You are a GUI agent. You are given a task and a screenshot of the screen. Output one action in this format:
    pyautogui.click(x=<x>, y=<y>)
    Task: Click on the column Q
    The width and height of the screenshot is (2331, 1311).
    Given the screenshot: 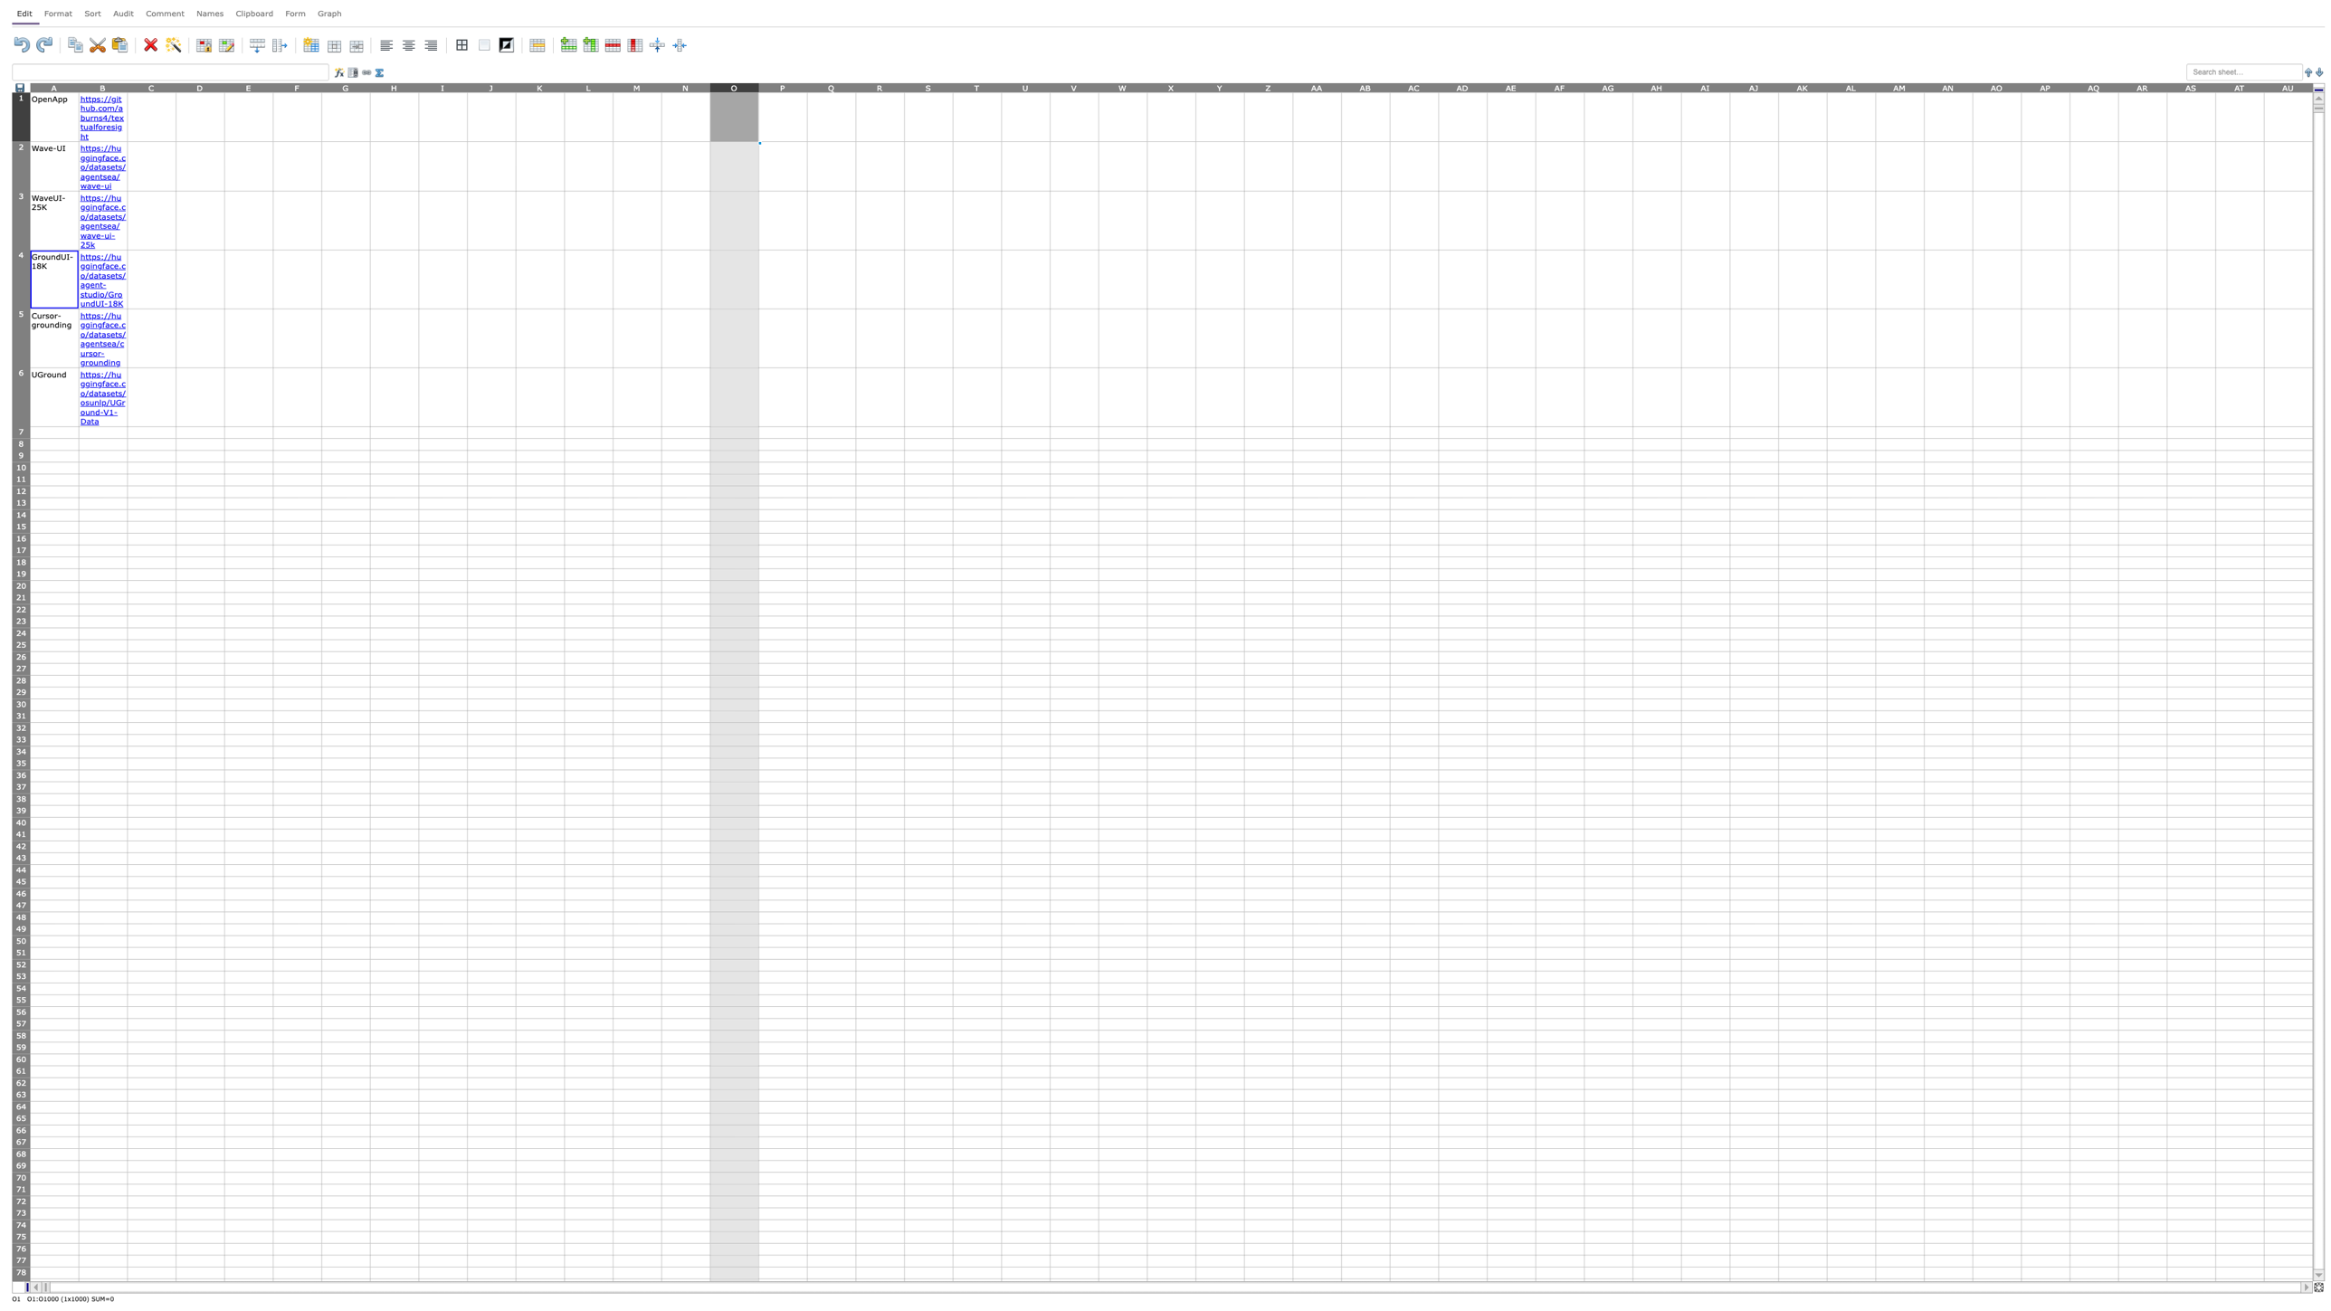 What is the action you would take?
    pyautogui.click(x=831, y=86)
    